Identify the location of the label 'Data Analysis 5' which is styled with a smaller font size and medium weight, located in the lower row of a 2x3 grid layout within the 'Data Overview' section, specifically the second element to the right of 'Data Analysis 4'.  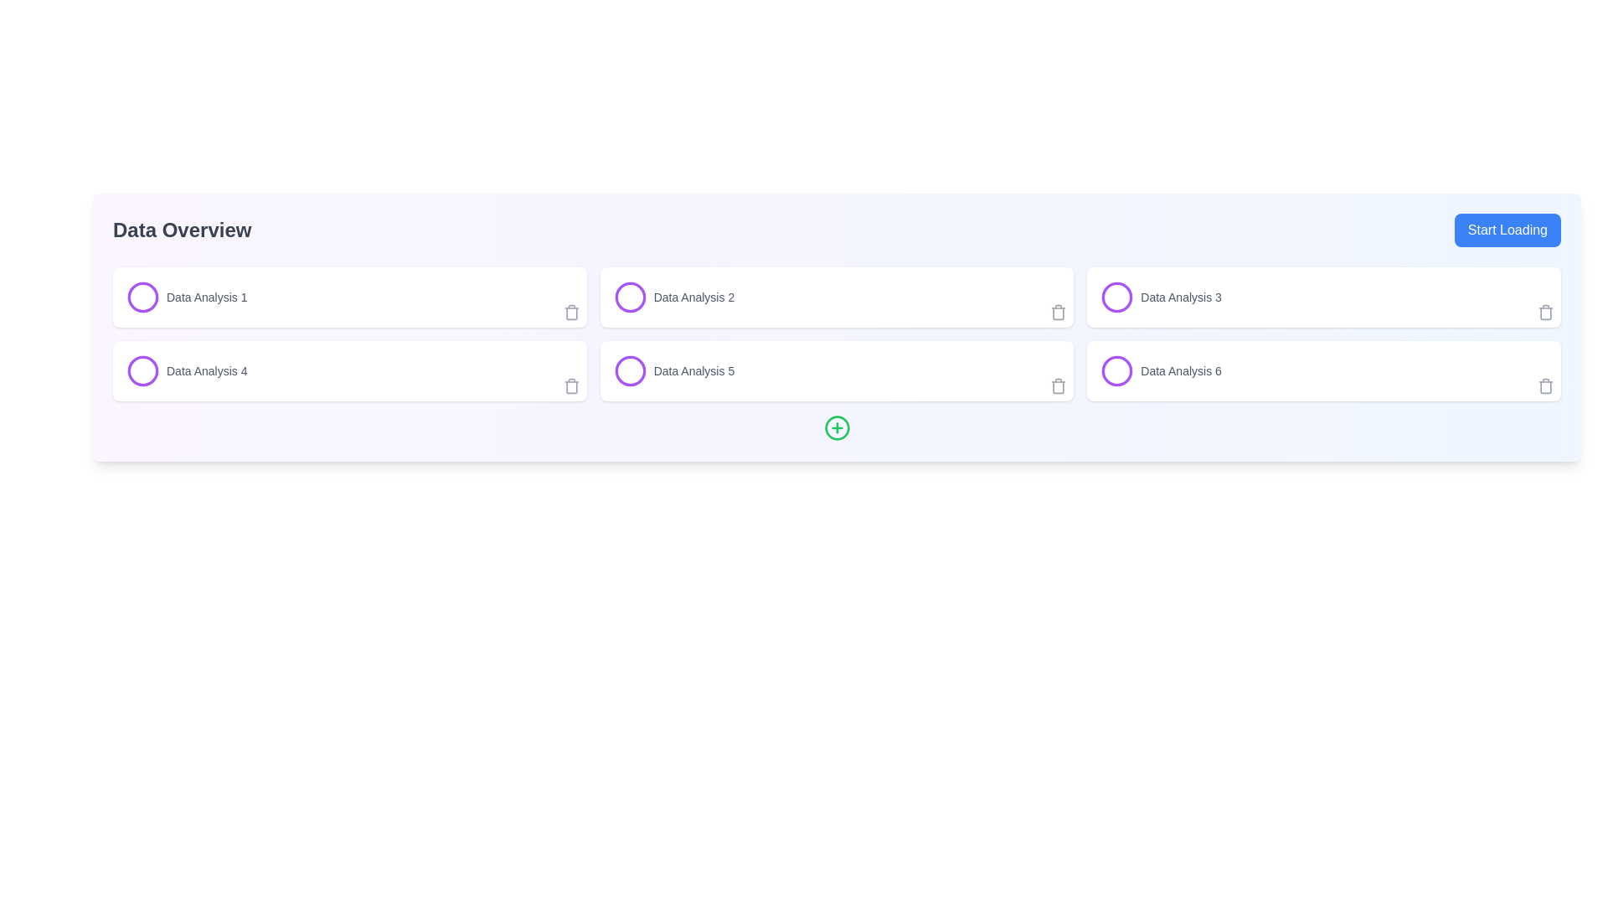
(693, 370).